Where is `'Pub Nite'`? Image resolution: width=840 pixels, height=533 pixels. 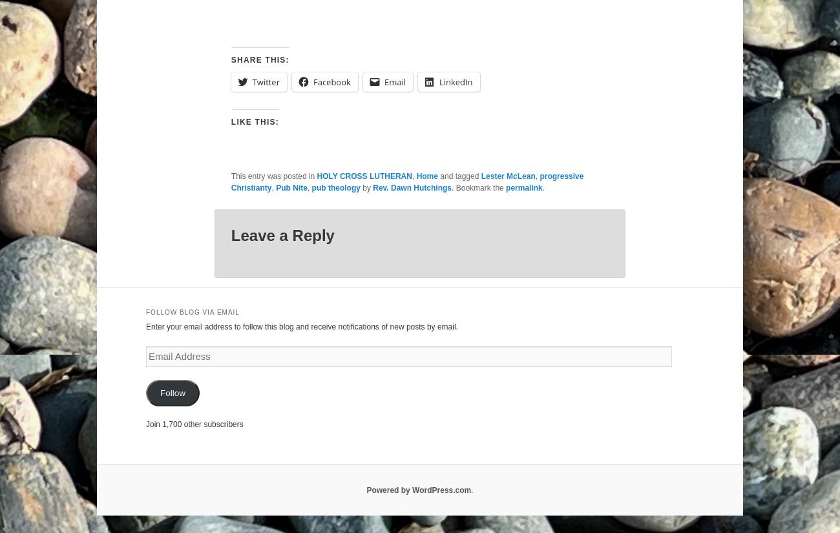
'Pub Nite' is located at coordinates (290, 187).